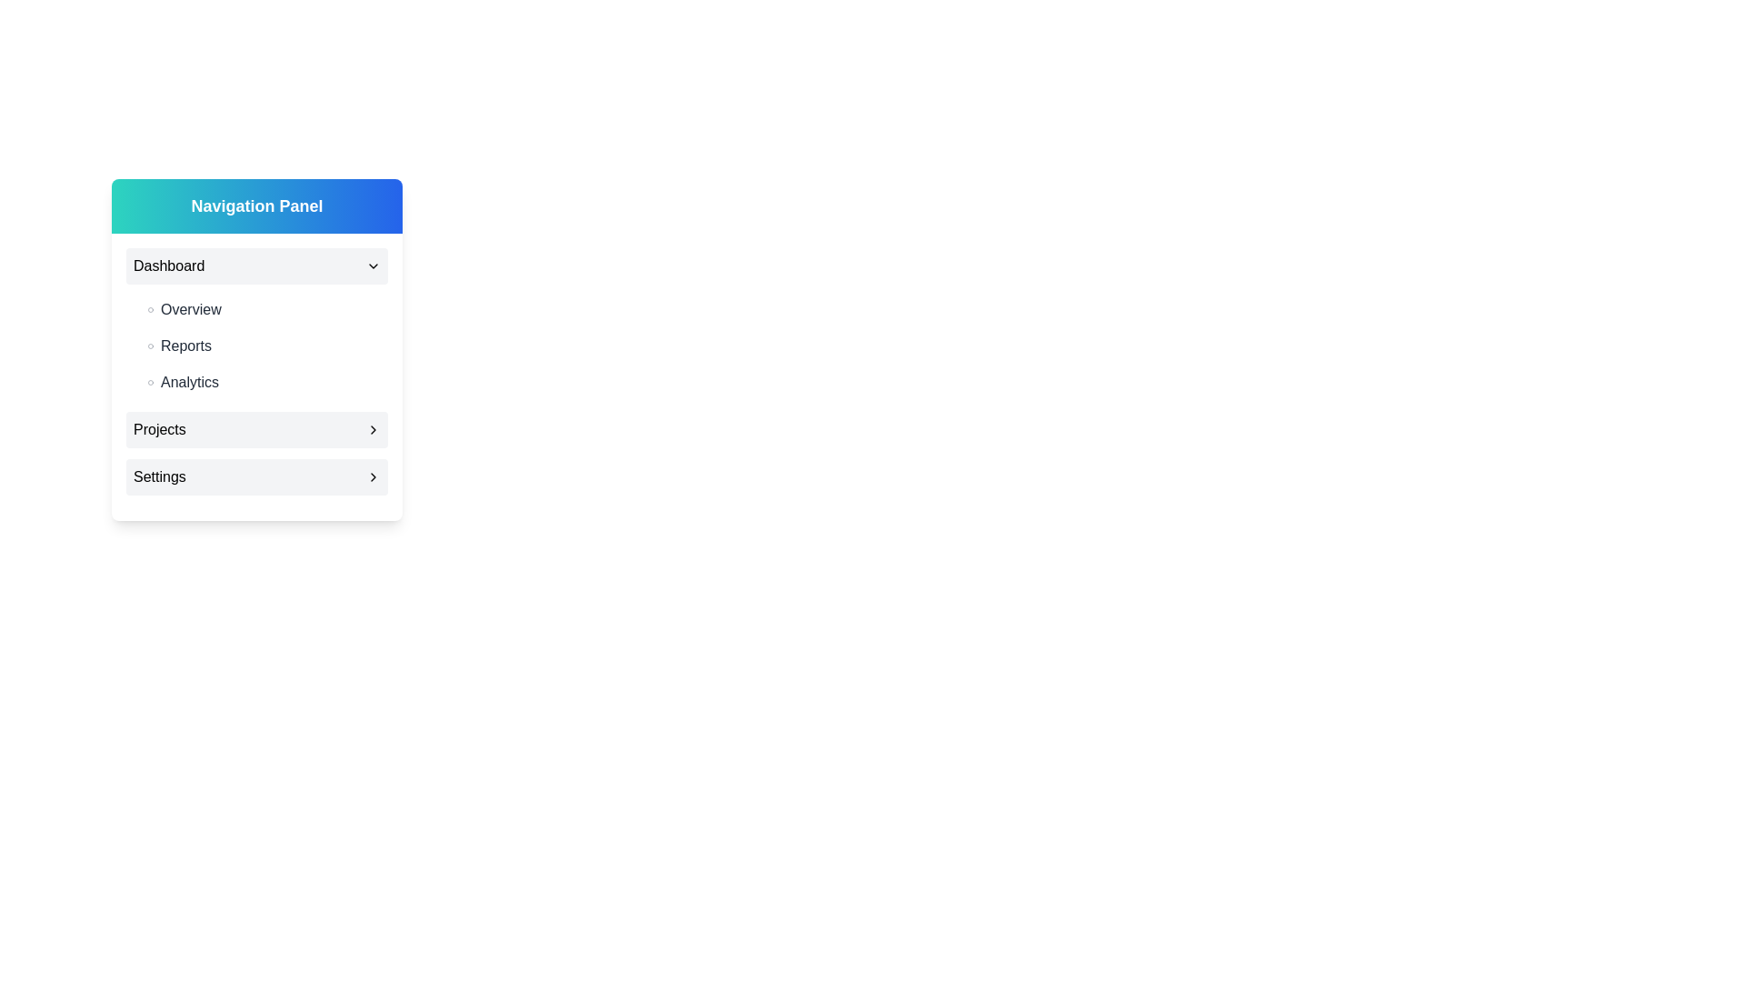 This screenshot has height=982, width=1745. What do you see at coordinates (256, 476) in the screenshot?
I see `the 'Settings' button with a light gray background and rounded corners located in the vertical navigation menu below the 'Projects' button` at bounding box center [256, 476].